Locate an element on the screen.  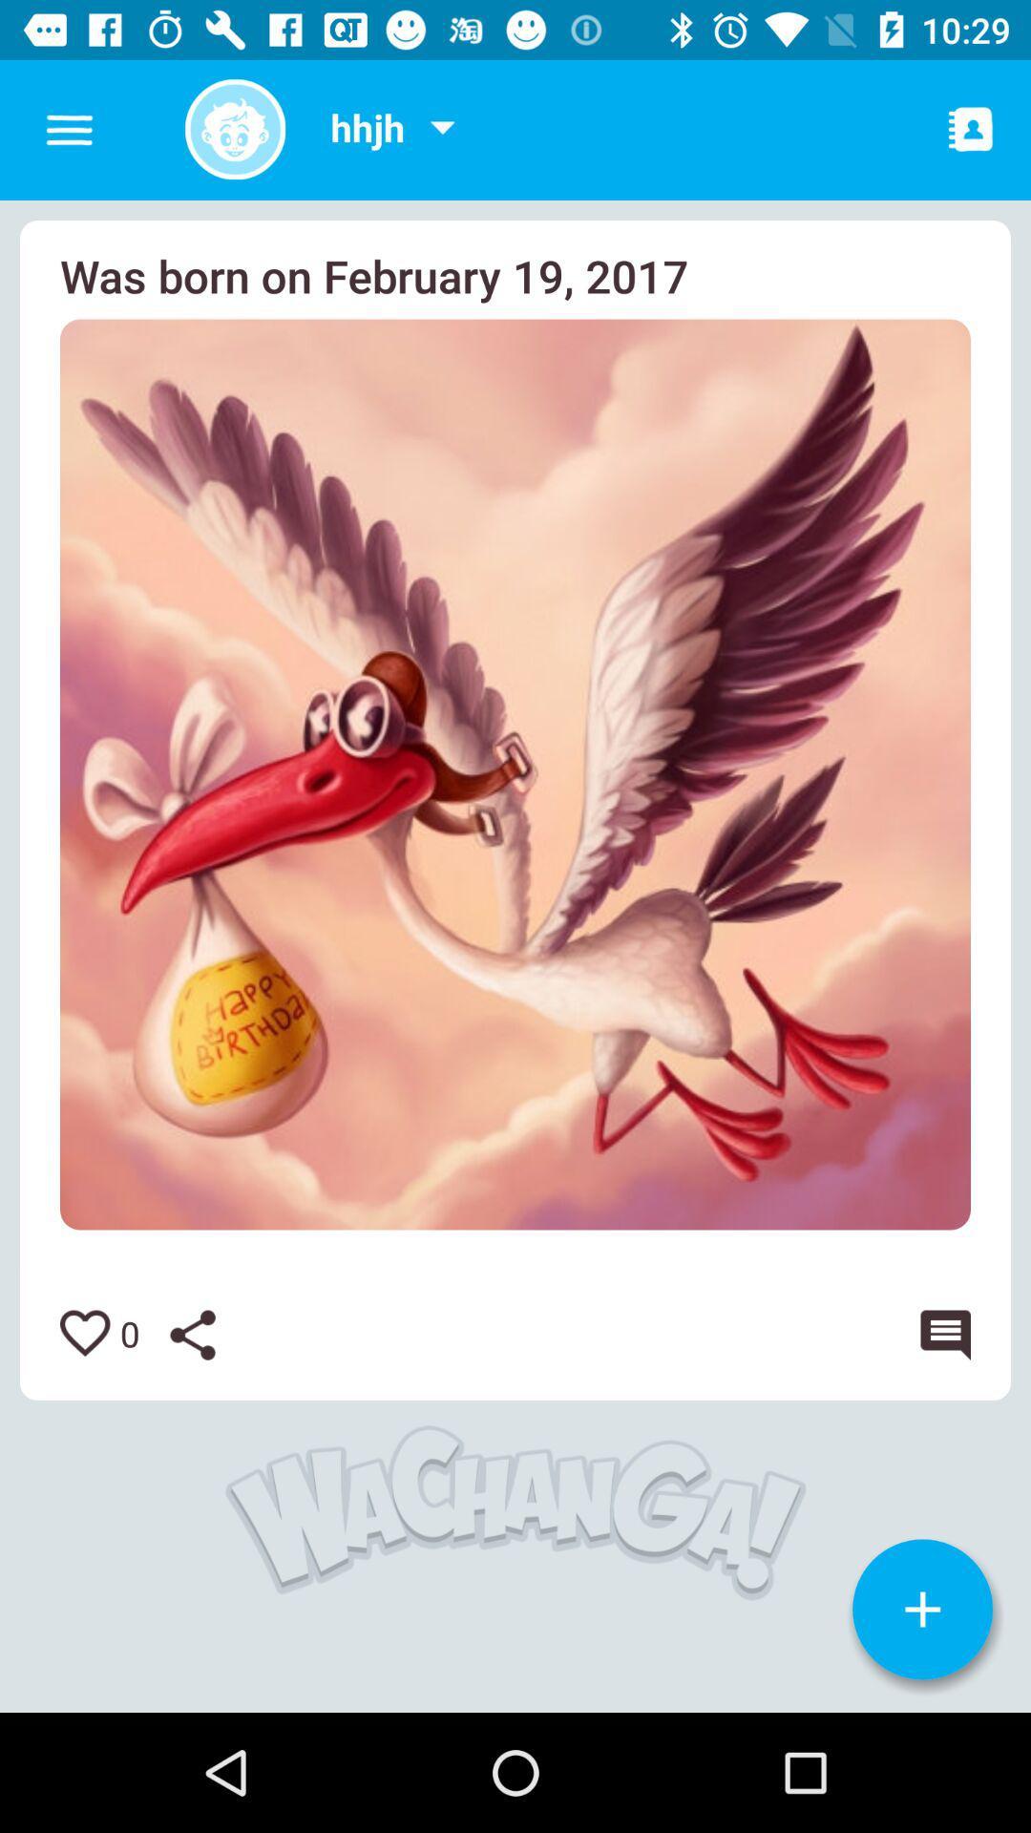
comment on photo is located at coordinates (939, 1334).